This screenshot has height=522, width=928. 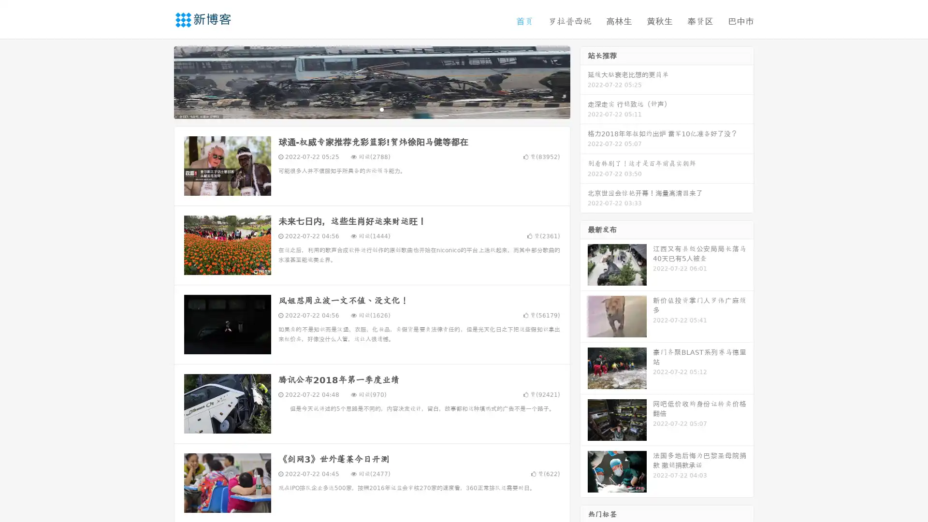 I want to click on Go to slide 3, so click(x=381, y=109).